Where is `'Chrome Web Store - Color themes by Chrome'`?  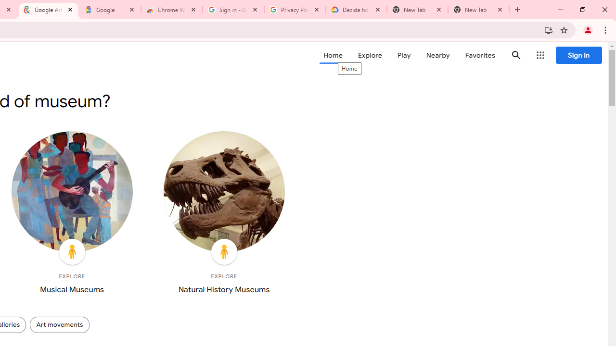 'Chrome Web Store - Color themes by Chrome' is located at coordinates (172, 10).